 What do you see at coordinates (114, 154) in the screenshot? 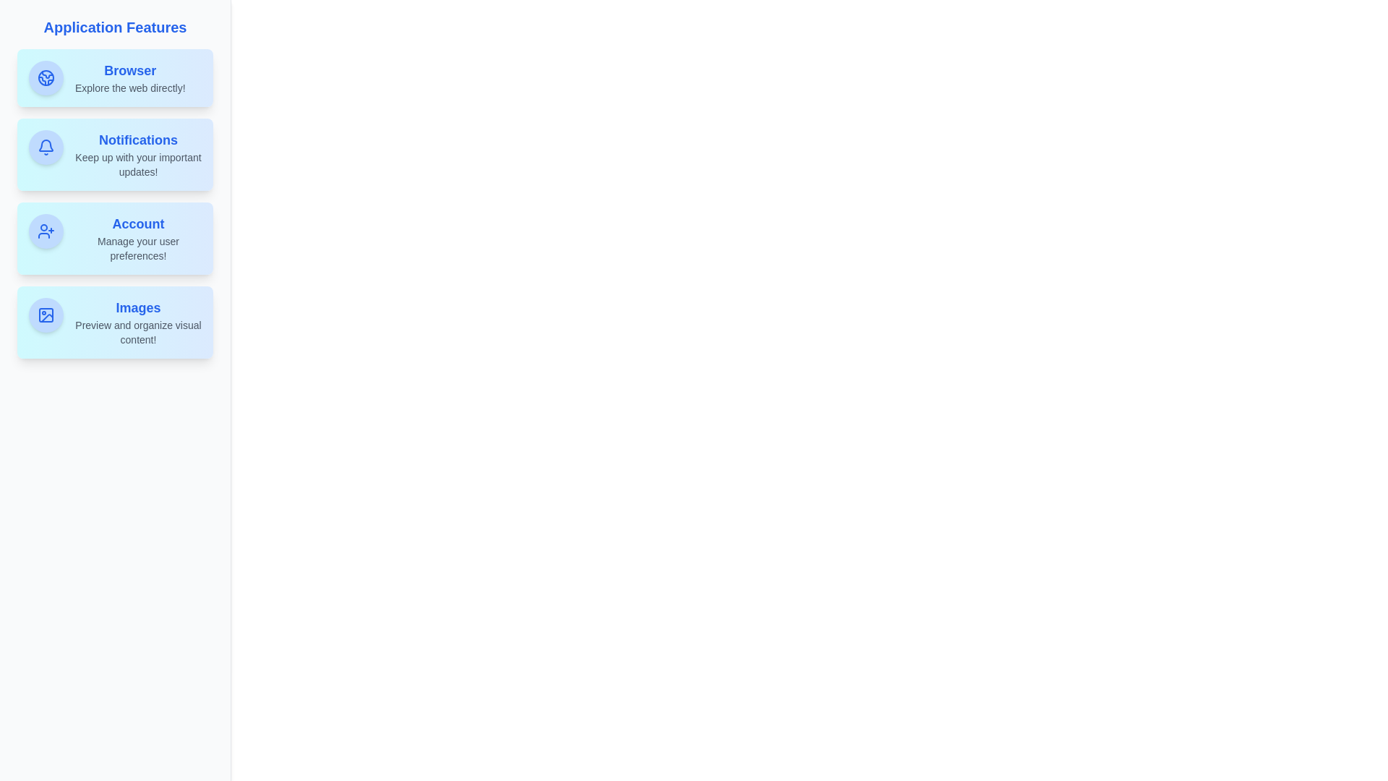
I see `the Notifications feature tile to view its hover effect` at bounding box center [114, 154].